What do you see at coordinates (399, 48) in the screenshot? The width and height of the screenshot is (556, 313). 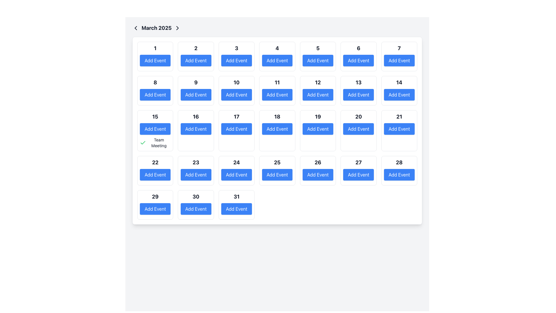 I see `text from the bold, large-sized number '7' located at the top-right card of the calendar grid, above the 'Add Event' button` at bounding box center [399, 48].